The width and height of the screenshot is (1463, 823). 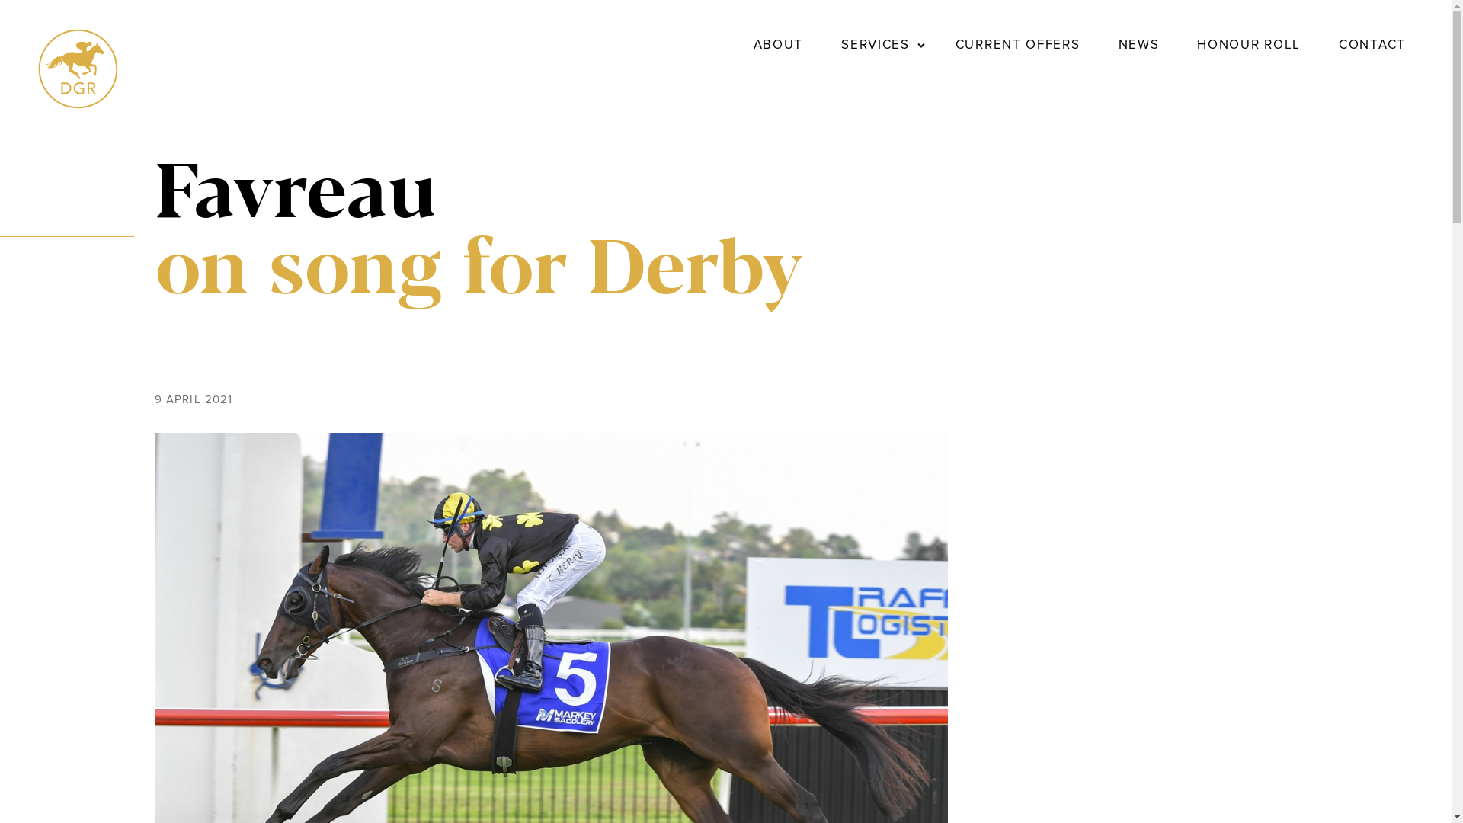 What do you see at coordinates (77, 104) in the screenshot?
I see `'DGR Thoroughbred Services'` at bounding box center [77, 104].